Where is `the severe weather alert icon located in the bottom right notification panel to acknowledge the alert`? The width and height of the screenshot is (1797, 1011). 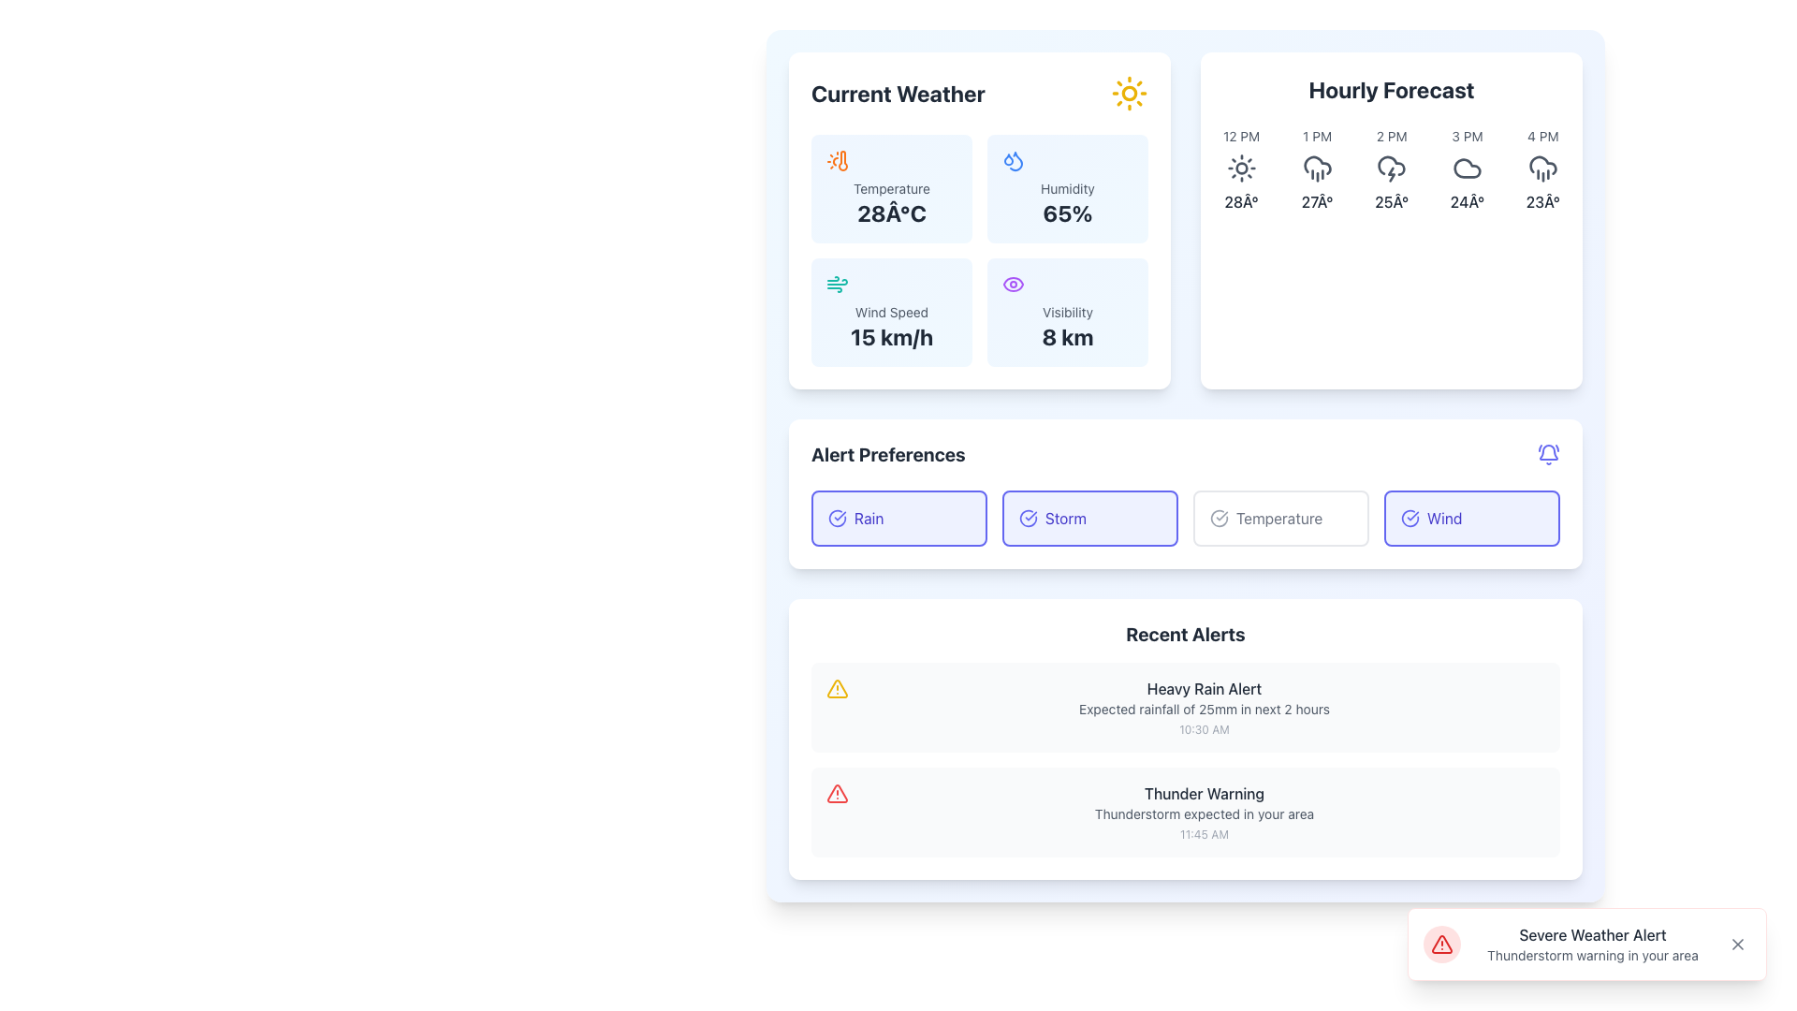
the severe weather alert icon located in the bottom right notification panel to acknowledge the alert is located at coordinates (1440, 945).